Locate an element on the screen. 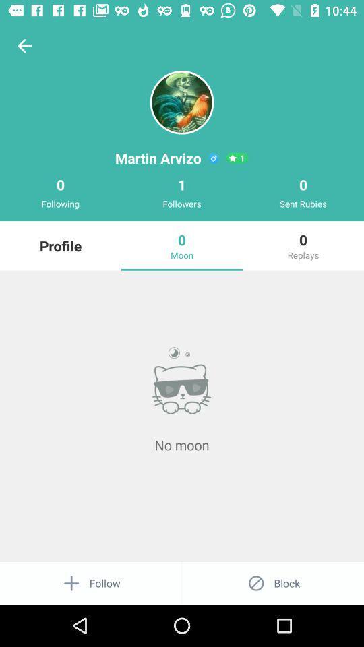  the avatar icon is located at coordinates (182, 102).